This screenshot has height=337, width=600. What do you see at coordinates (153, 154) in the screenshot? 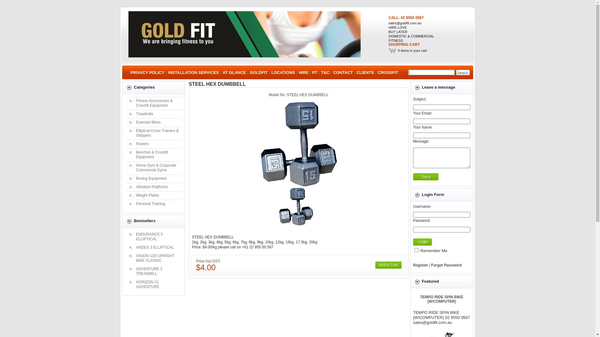
I see `'Benches & Crossfit Equipment'` at bounding box center [153, 154].